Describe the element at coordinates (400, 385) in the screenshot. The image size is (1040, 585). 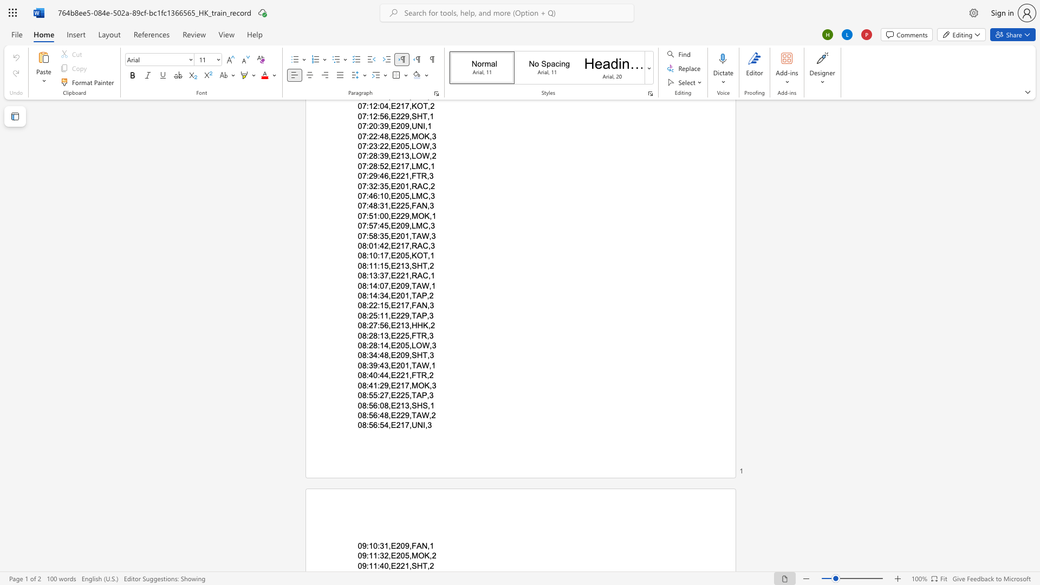
I see `the subset text "17,MO" within the text "08:41:29,E217,MOK,3"` at that location.